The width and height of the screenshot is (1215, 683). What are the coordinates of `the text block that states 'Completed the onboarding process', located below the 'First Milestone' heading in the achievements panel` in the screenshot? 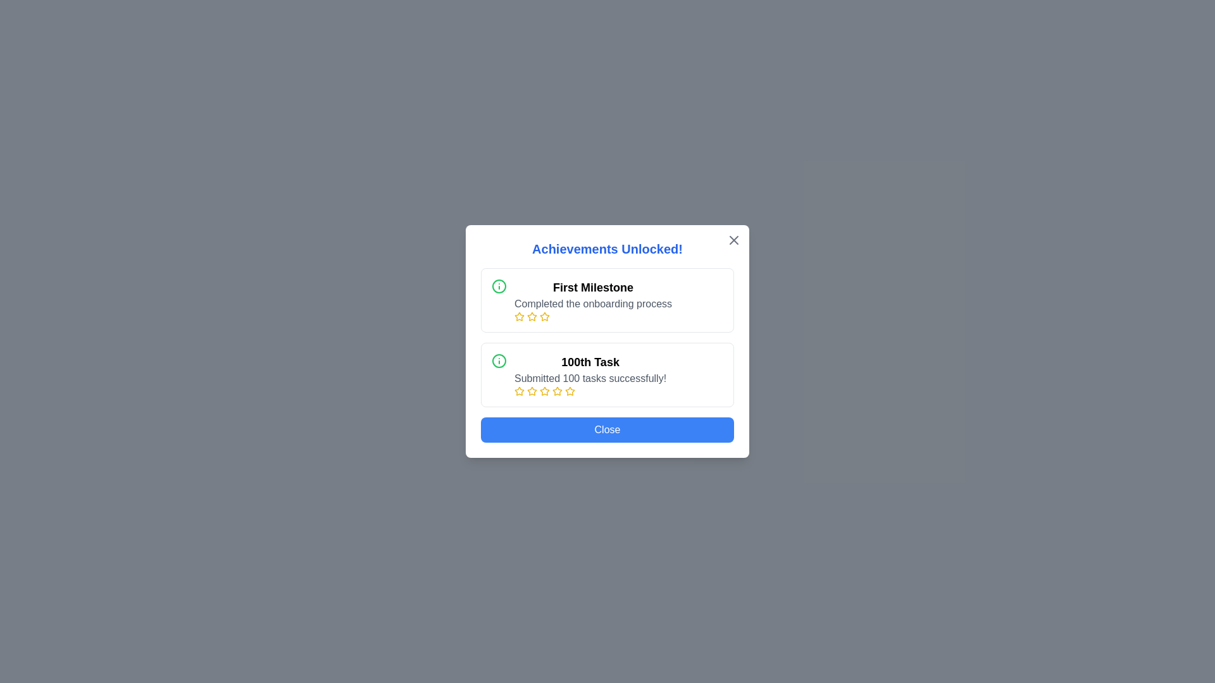 It's located at (592, 304).